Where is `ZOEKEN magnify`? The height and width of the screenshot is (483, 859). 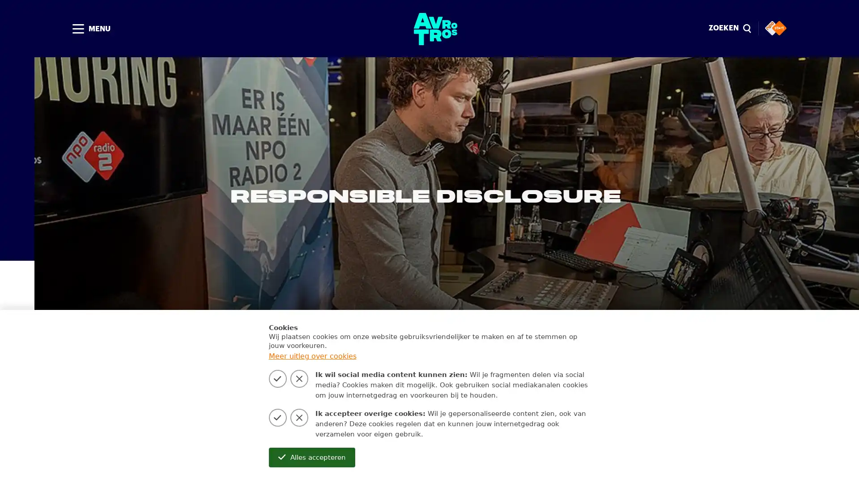 ZOEKEN magnify is located at coordinates (729, 28).